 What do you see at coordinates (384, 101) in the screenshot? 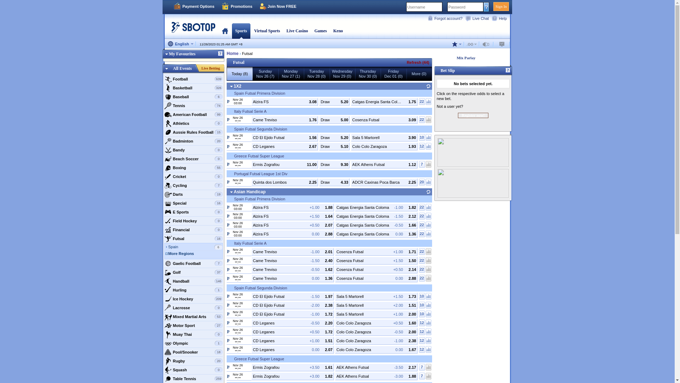
I see `'1.75` at bounding box center [384, 101].